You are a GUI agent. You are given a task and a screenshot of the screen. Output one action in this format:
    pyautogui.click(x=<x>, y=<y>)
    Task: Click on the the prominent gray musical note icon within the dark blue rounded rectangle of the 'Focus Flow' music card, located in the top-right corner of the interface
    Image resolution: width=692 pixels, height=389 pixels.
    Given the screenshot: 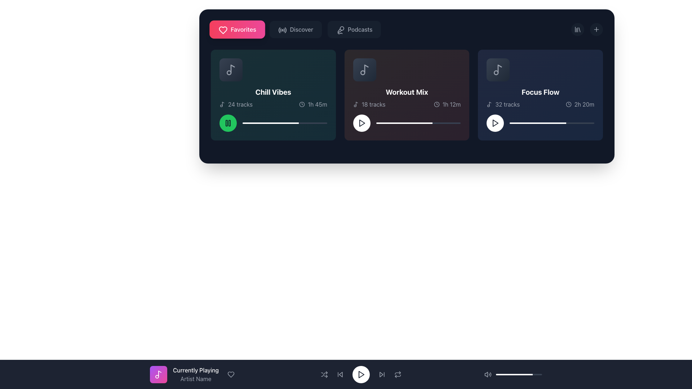 What is the action you would take?
    pyautogui.click(x=498, y=70)
    